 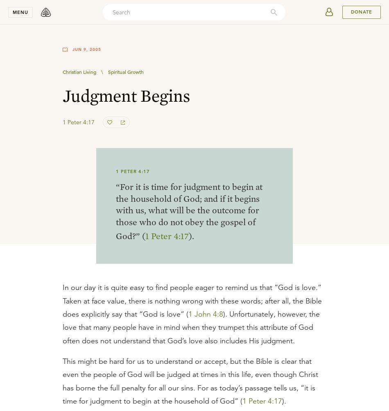 I want to click on 'In our day it is quite easy to find people eager to remind us that “God is love.” Taken at face value, there is nothing wrong with these words; after all, the Bible does explicitly say that “God is love” (', so click(x=192, y=300).